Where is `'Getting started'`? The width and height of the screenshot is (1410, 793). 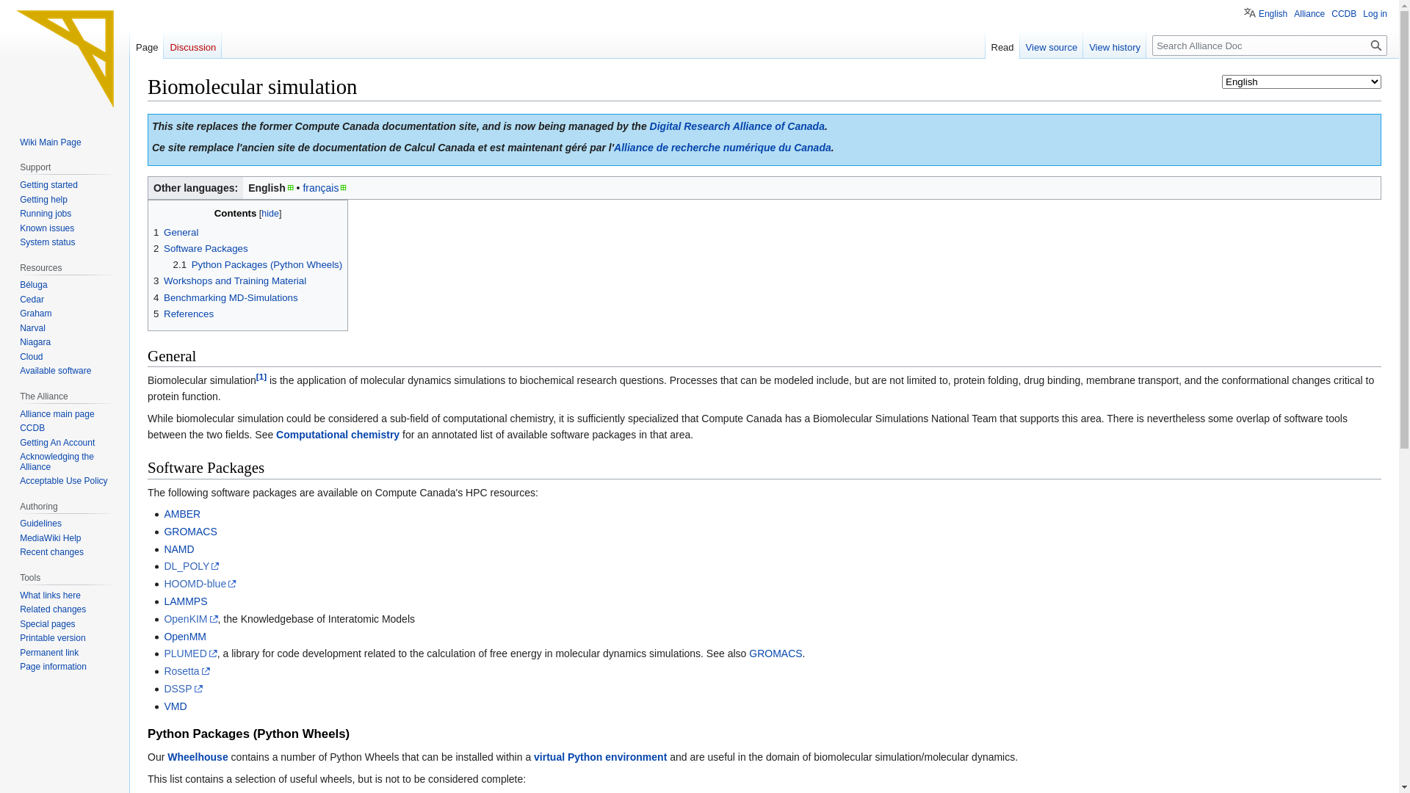 'Getting started' is located at coordinates (48, 184).